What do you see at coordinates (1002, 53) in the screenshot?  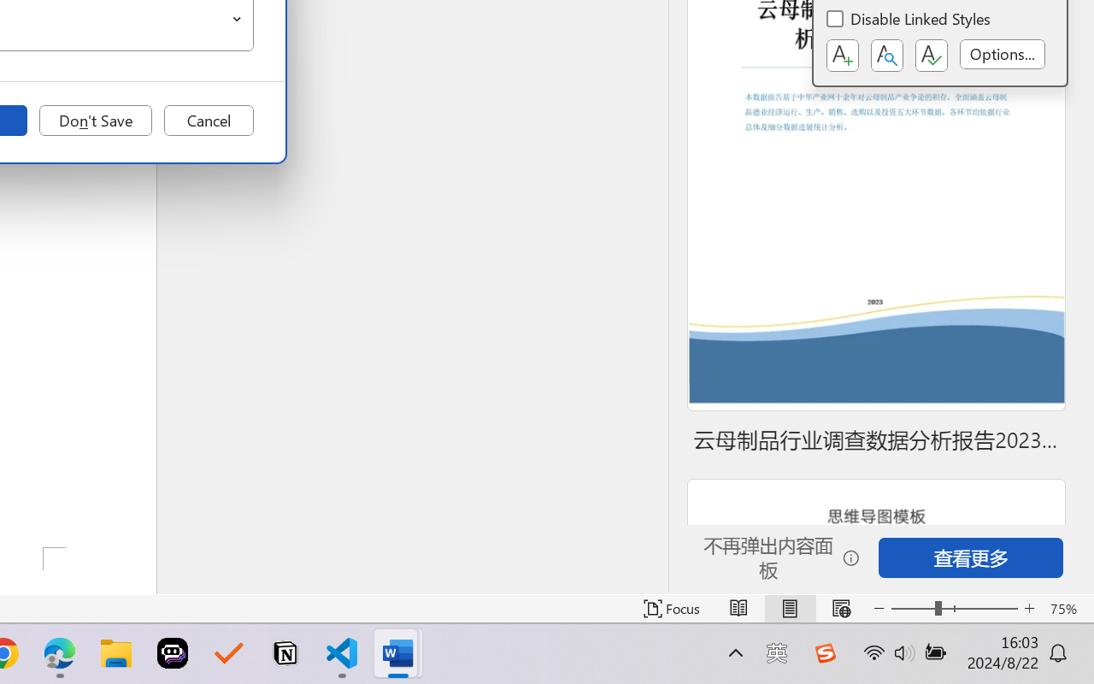 I see `'Options...'` at bounding box center [1002, 53].